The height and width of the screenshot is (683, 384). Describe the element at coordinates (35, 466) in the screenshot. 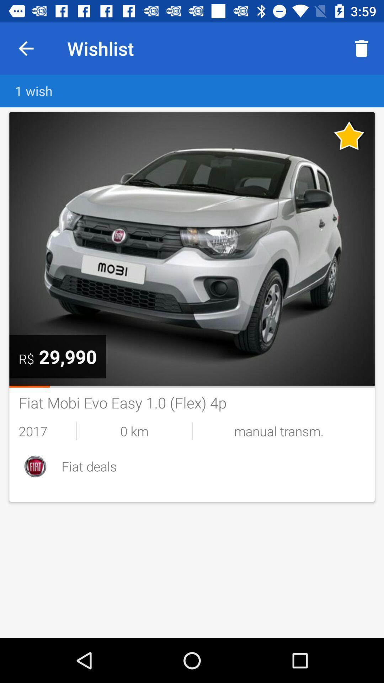

I see `the item to the left of fiat deals item` at that location.